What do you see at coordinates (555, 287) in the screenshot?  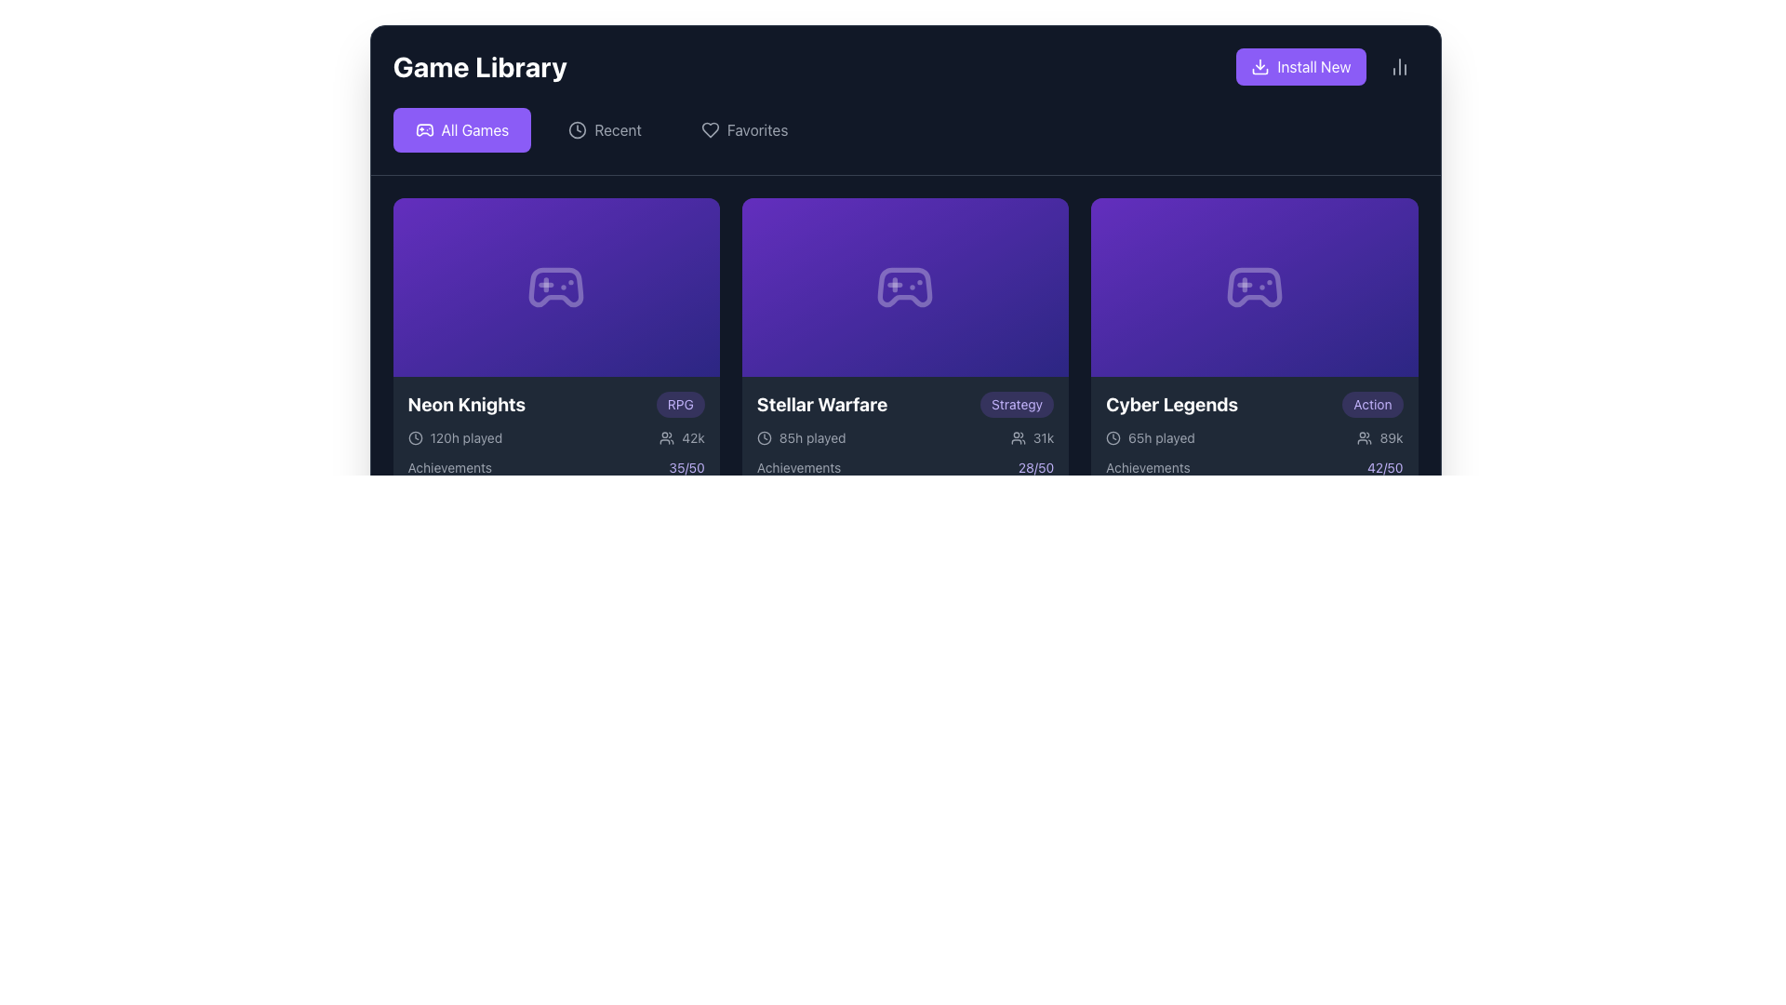 I see `the game controller icon with a purple background representing 'Neon Knights' in the Game Library interface` at bounding box center [555, 287].